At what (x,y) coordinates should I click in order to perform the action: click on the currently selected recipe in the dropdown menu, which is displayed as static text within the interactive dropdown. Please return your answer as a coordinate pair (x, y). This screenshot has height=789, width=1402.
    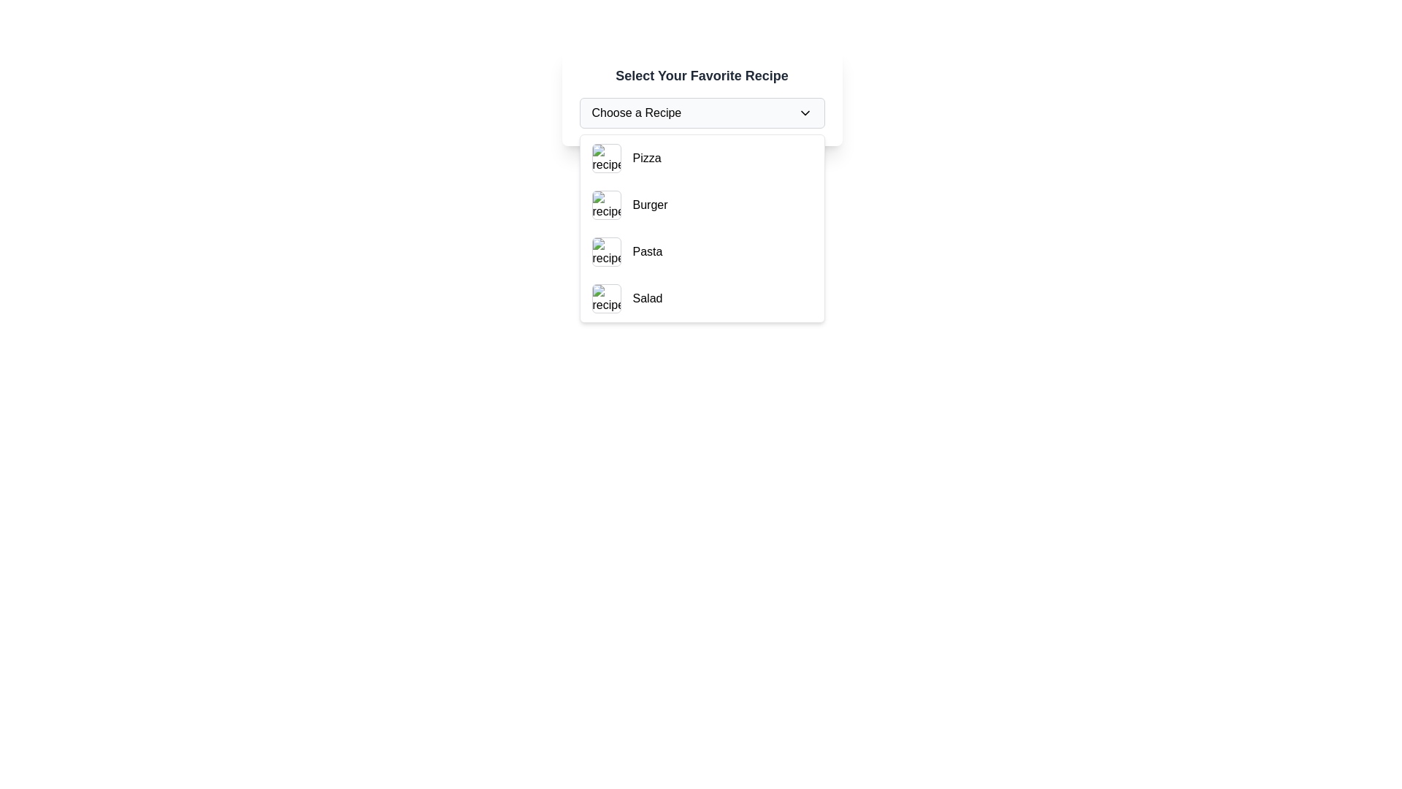
    Looking at the image, I should click on (636, 112).